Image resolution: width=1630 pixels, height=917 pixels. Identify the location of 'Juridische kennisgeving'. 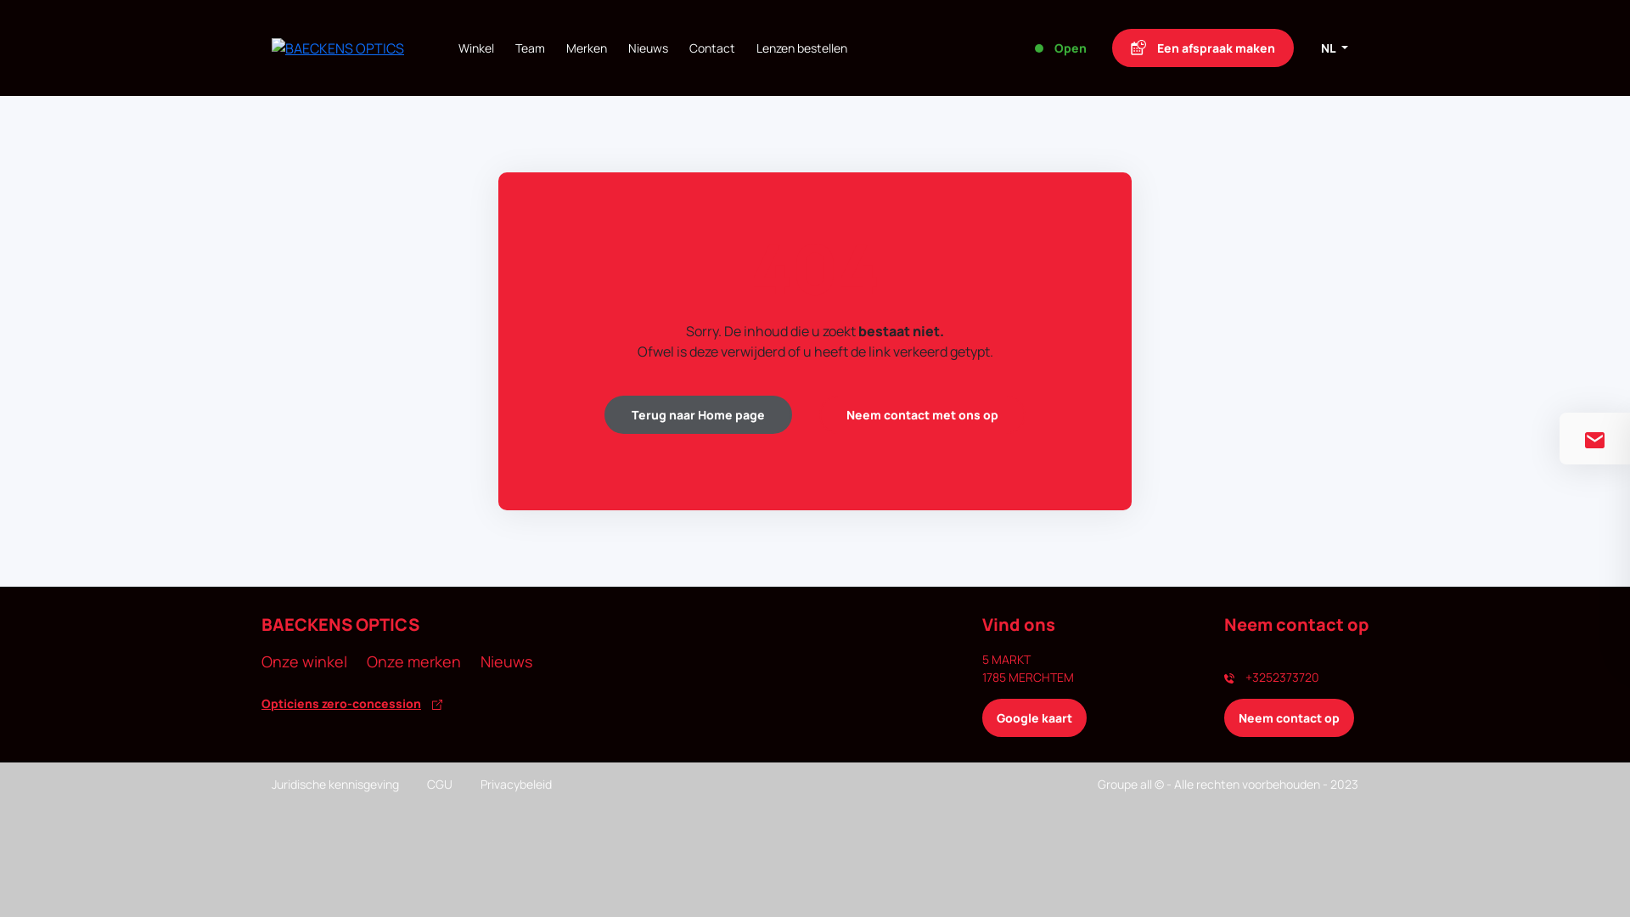
(334, 784).